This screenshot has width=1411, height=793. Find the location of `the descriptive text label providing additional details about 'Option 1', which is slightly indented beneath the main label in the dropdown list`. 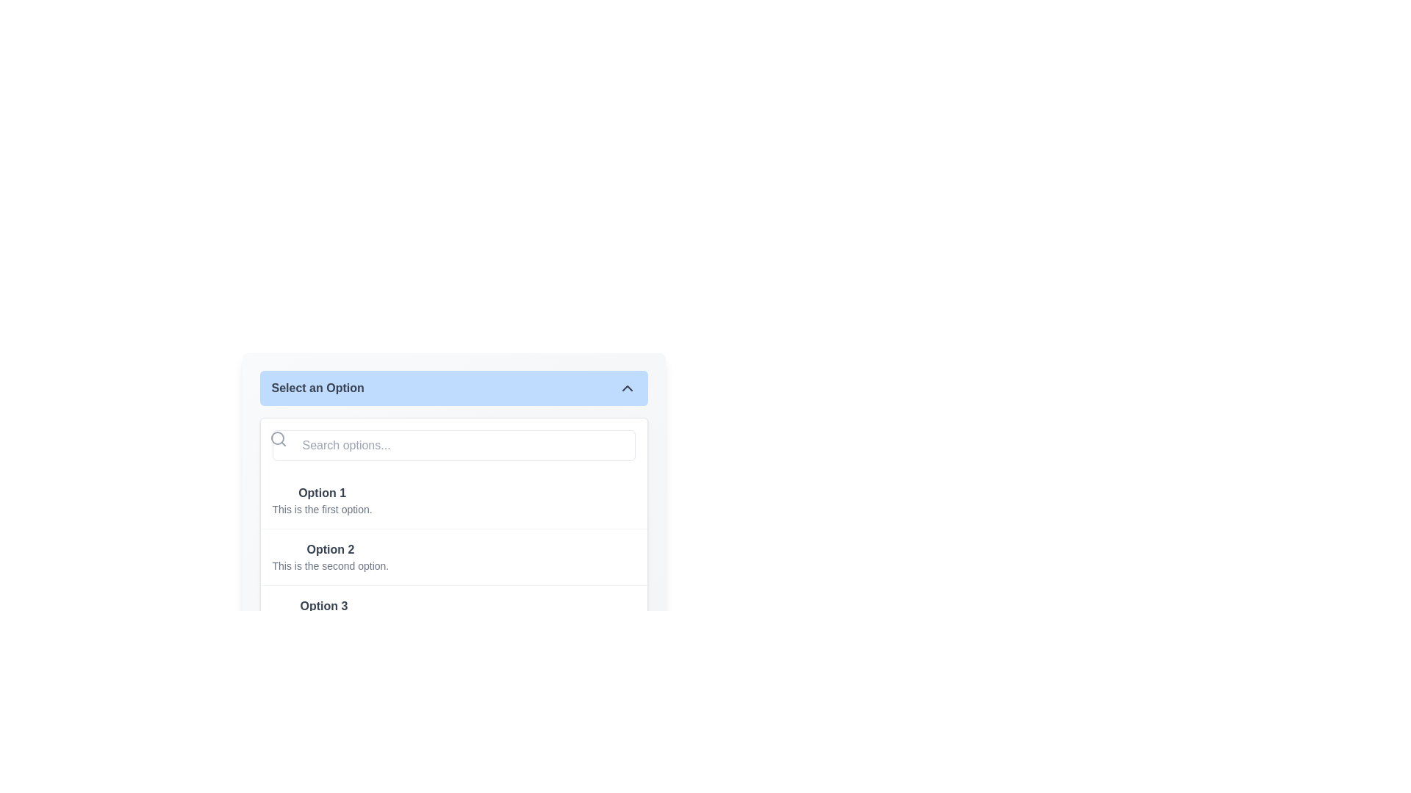

the descriptive text label providing additional details about 'Option 1', which is slightly indented beneath the main label in the dropdown list is located at coordinates (321, 509).